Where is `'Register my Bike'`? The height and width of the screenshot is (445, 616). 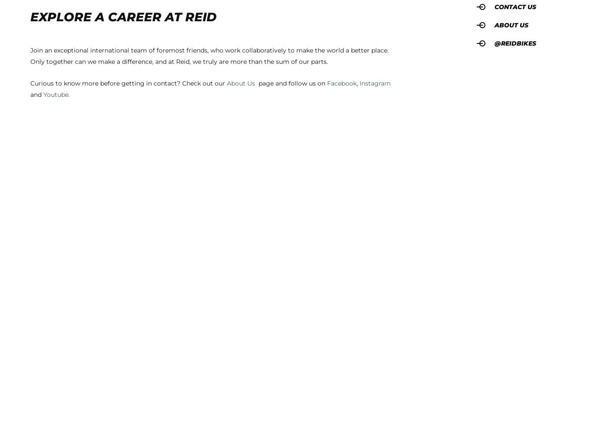
'Register my Bike' is located at coordinates (56, 213).